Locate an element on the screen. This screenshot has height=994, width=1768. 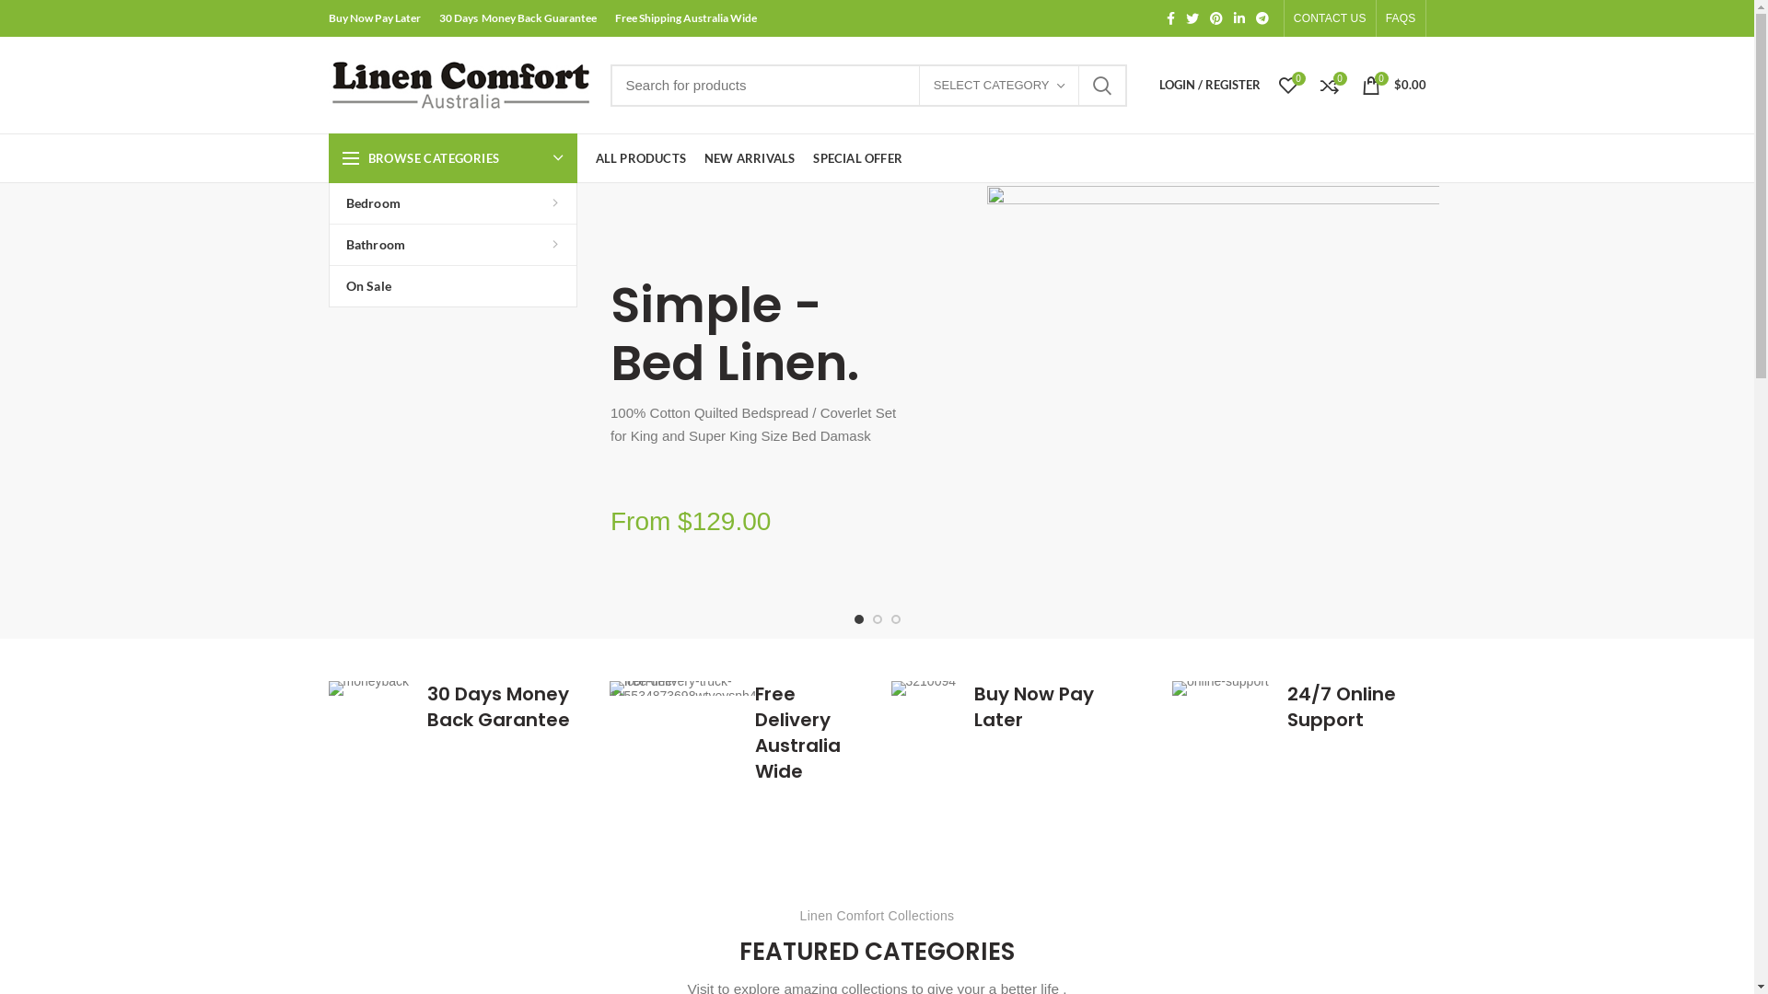
'Bedroom' is located at coordinates (452, 202).